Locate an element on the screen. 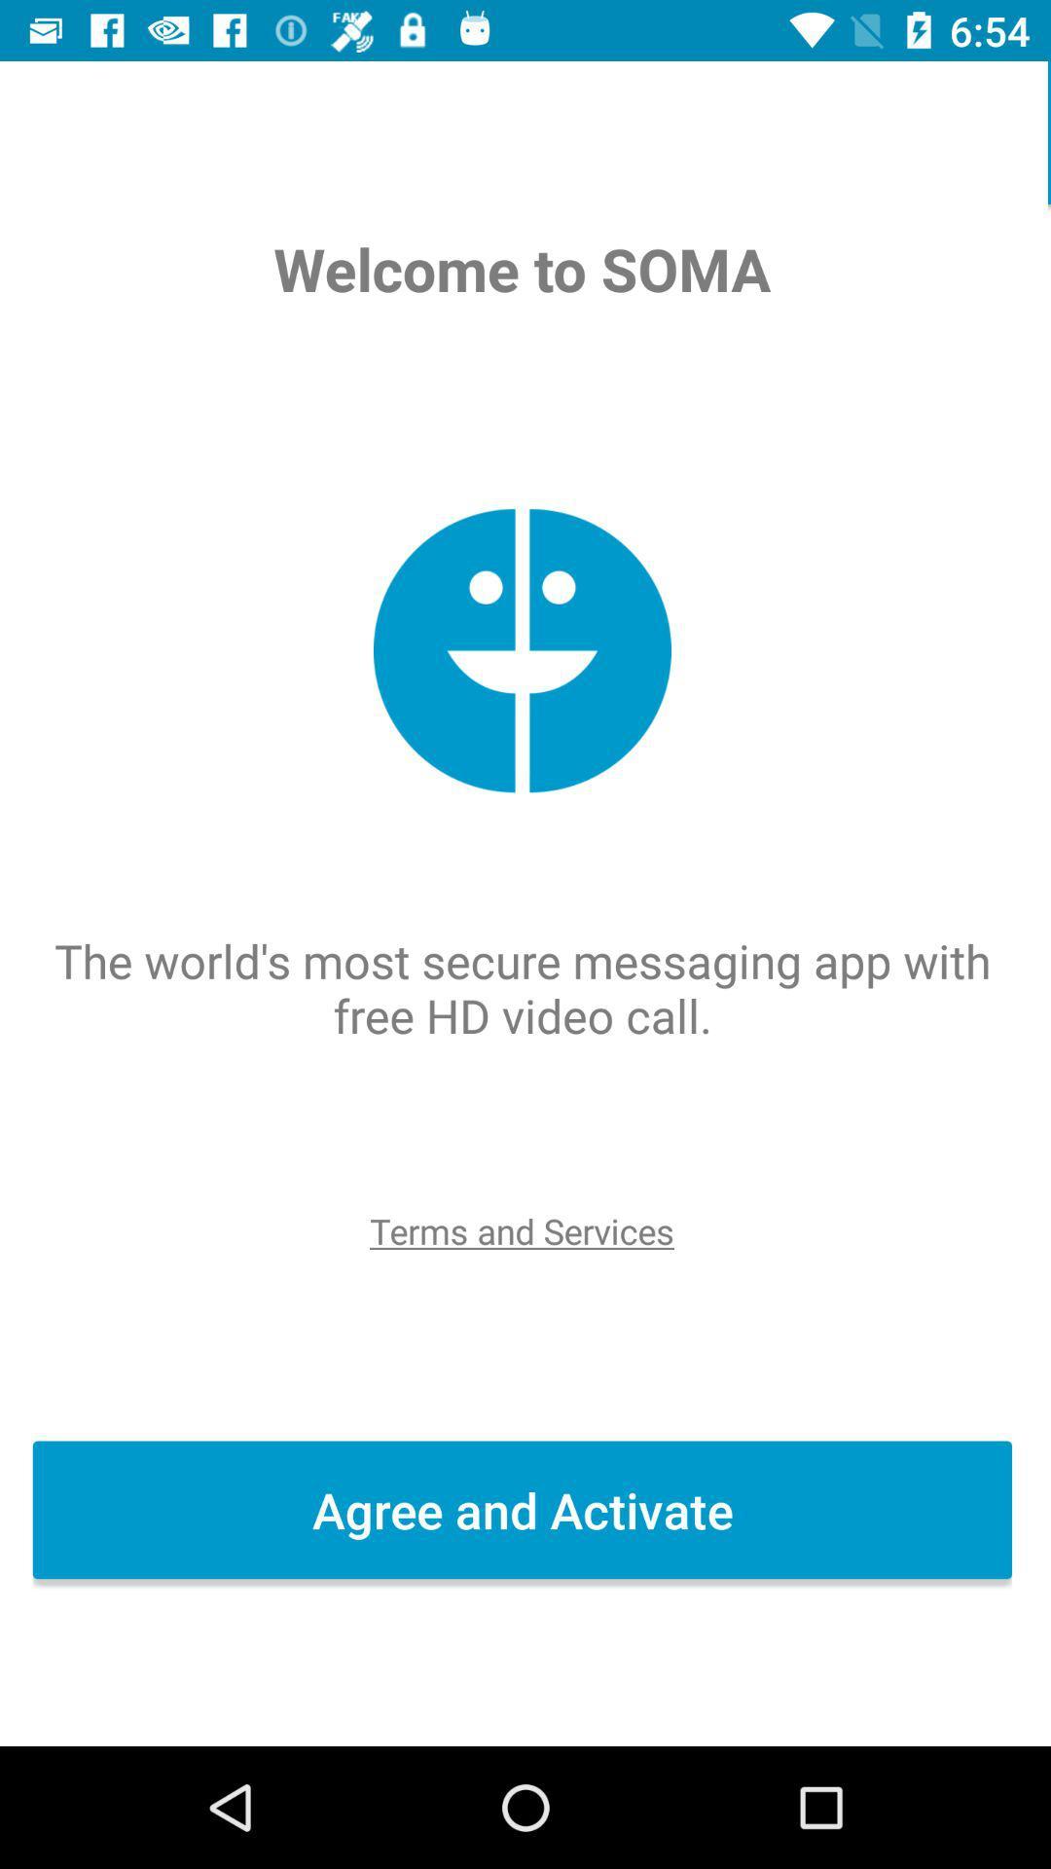 This screenshot has height=1869, width=1051. the terms and services is located at coordinates (524, 1229).